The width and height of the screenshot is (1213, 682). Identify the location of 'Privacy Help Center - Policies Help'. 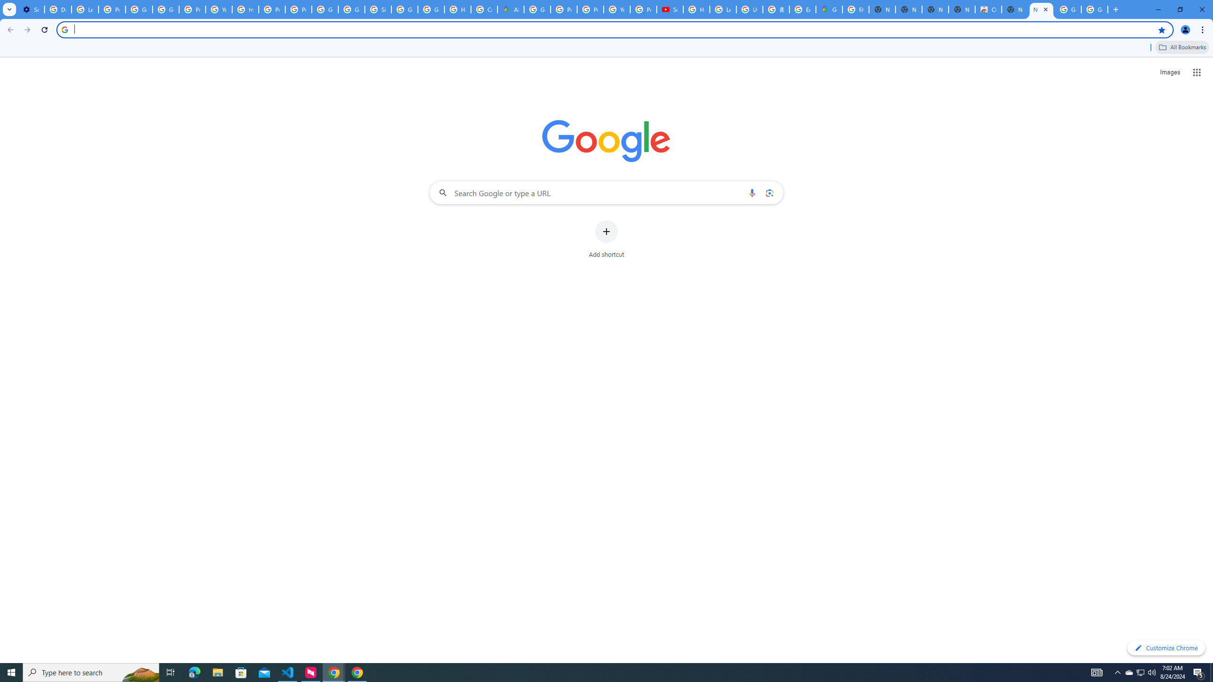
(563, 9).